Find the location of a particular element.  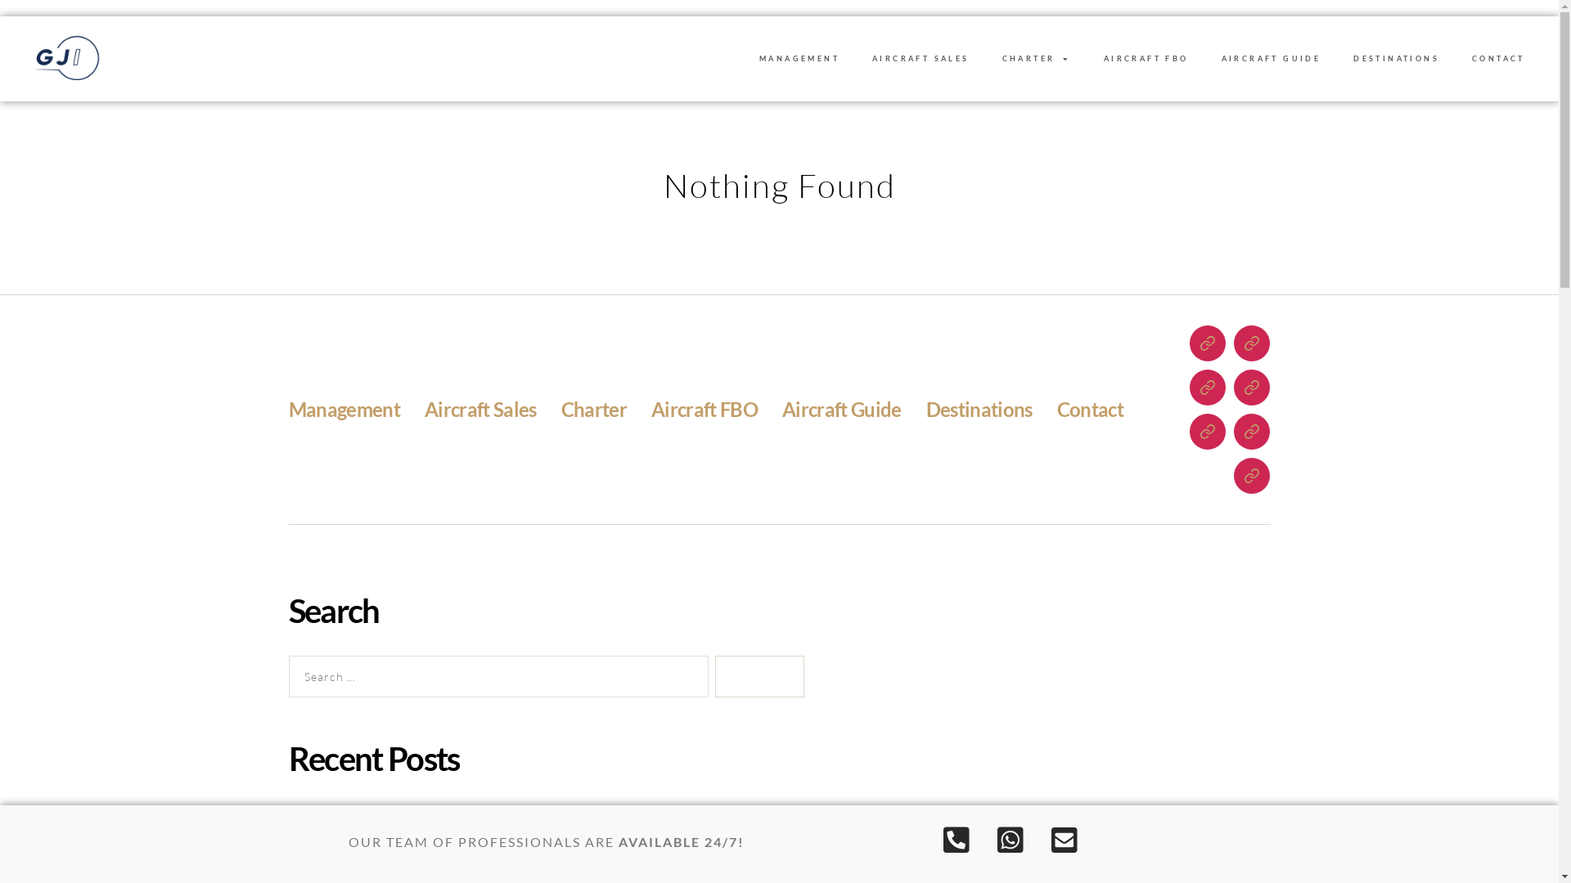

'AIRCRAFT SALES' is located at coordinates (921, 58).